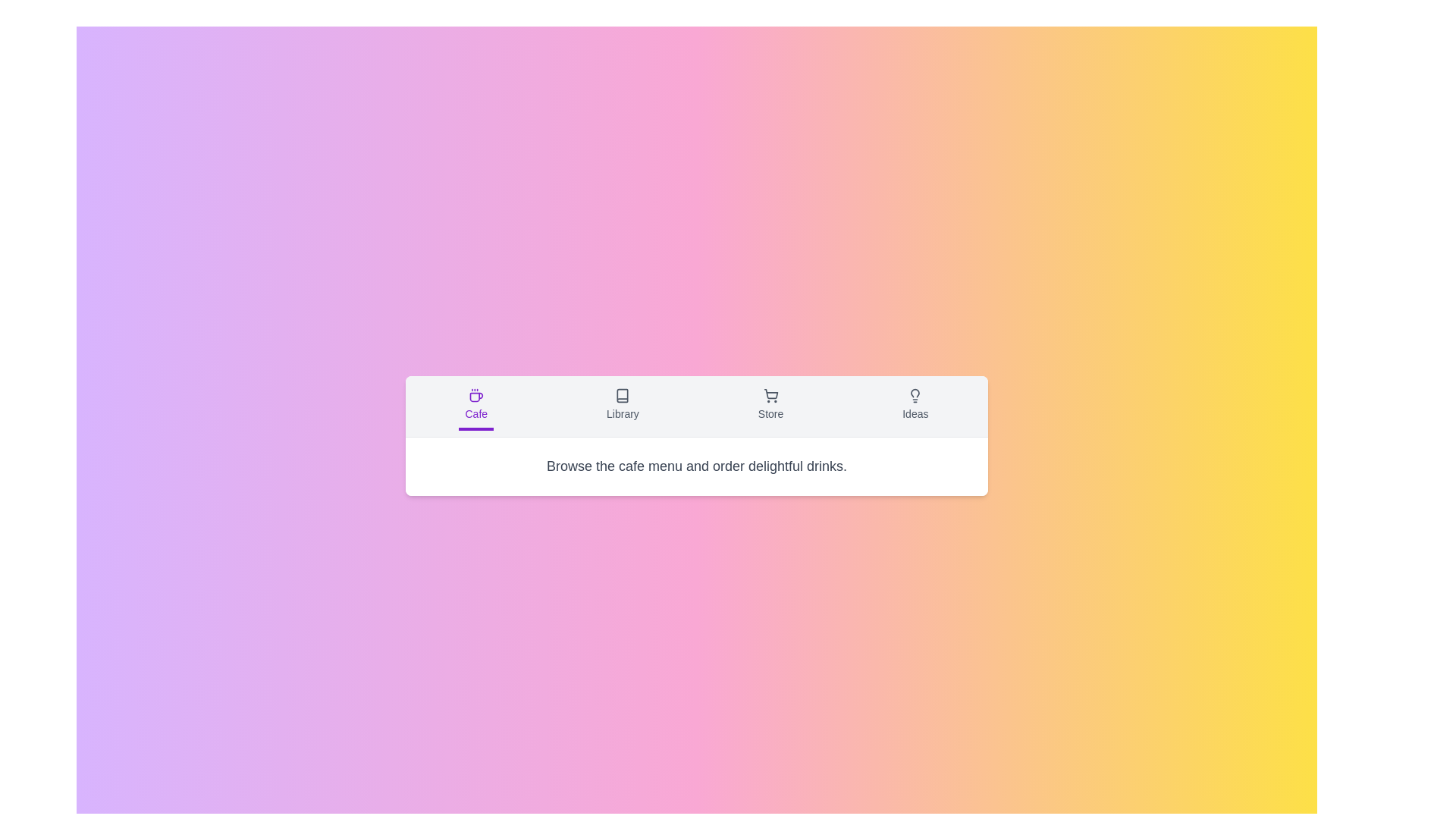  What do you see at coordinates (770, 405) in the screenshot?
I see `the 'Store' button` at bounding box center [770, 405].